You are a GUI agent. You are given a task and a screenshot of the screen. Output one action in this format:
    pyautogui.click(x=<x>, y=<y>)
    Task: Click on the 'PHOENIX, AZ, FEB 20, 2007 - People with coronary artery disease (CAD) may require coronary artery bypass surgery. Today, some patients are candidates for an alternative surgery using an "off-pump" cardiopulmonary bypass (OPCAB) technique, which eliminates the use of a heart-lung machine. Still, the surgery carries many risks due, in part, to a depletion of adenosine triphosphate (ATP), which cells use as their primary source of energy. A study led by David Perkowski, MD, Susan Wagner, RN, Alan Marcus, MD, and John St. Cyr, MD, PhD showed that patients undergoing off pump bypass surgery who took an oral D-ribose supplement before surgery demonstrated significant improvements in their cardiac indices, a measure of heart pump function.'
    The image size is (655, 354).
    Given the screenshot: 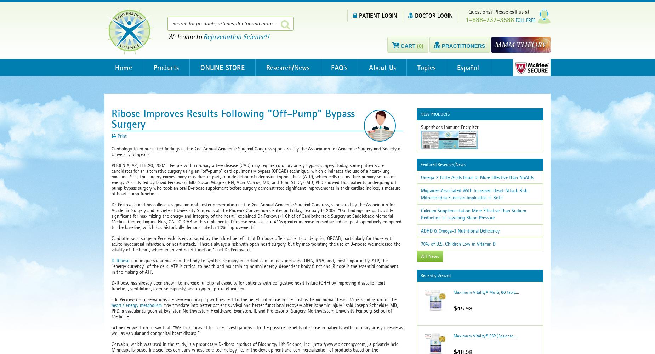 What is the action you would take?
    pyautogui.click(x=256, y=179)
    